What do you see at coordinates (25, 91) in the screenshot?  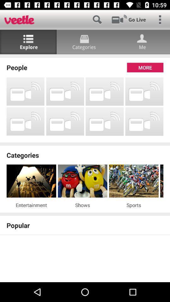 I see `app below people item` at bounding box center [25, 91].